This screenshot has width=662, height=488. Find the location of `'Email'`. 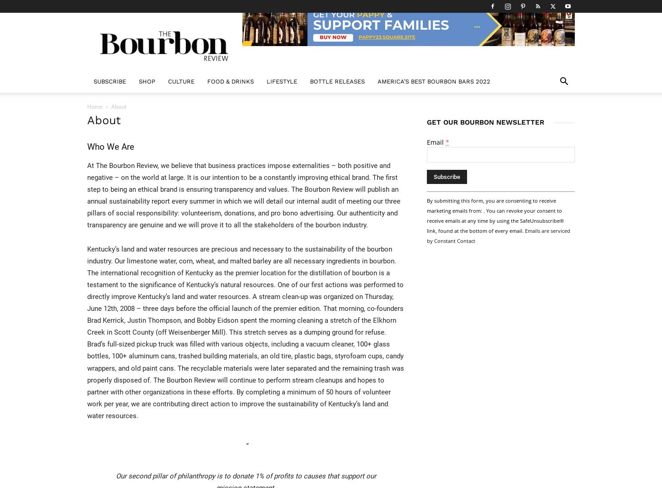

'Email' is located at coordinates (436, 142).